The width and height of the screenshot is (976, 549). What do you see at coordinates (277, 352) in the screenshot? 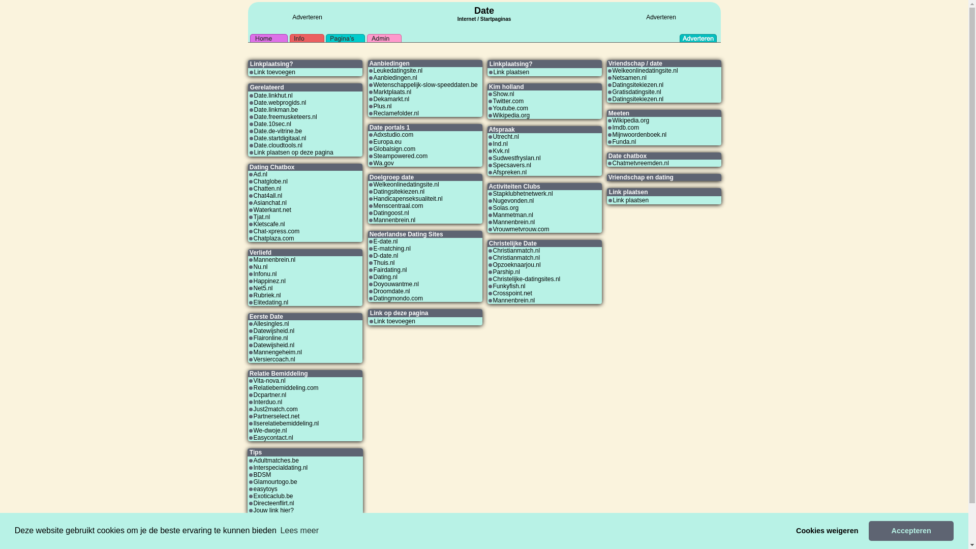
I see `'Mannengeheim.nl'` at bounding box center [277, 352].